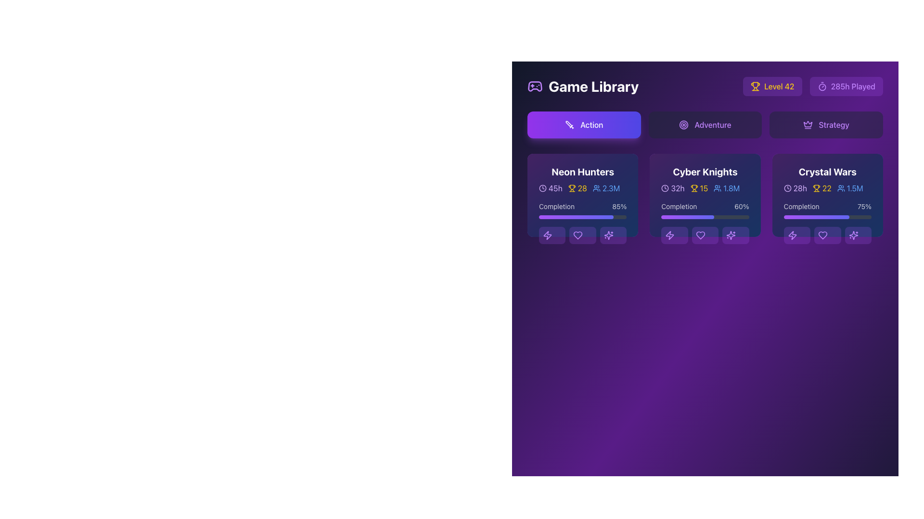 The width and height of the screenshot is (924, 519). Describe the element at coordinates (705, 217) in the screenshot. I see `the progress bar located under the 'Completion' label in the 'Cyber Knights' card within the 'Game Library' interface, which indicates a 60% completion rate` at that location.